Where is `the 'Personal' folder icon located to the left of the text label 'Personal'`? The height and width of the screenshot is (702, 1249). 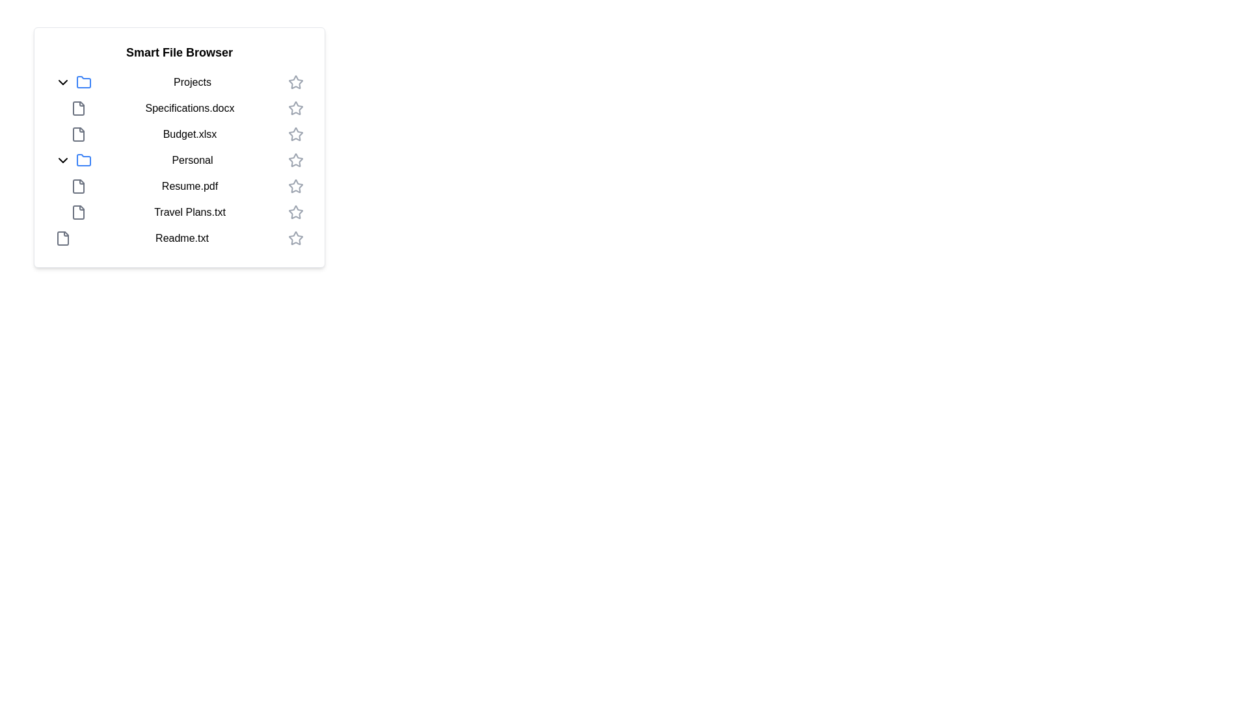
the 'Personal' folder icon located to the left of the text label 'Personal' is located at coordinates (83, 159).